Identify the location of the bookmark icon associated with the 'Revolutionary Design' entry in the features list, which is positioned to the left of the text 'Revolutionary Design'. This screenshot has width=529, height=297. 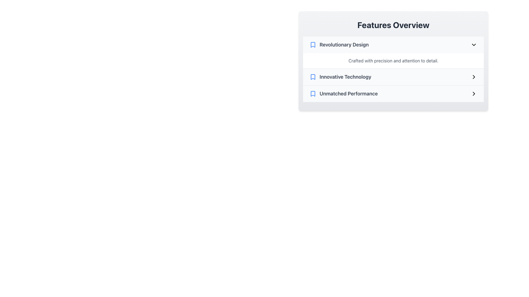
(313, 44).